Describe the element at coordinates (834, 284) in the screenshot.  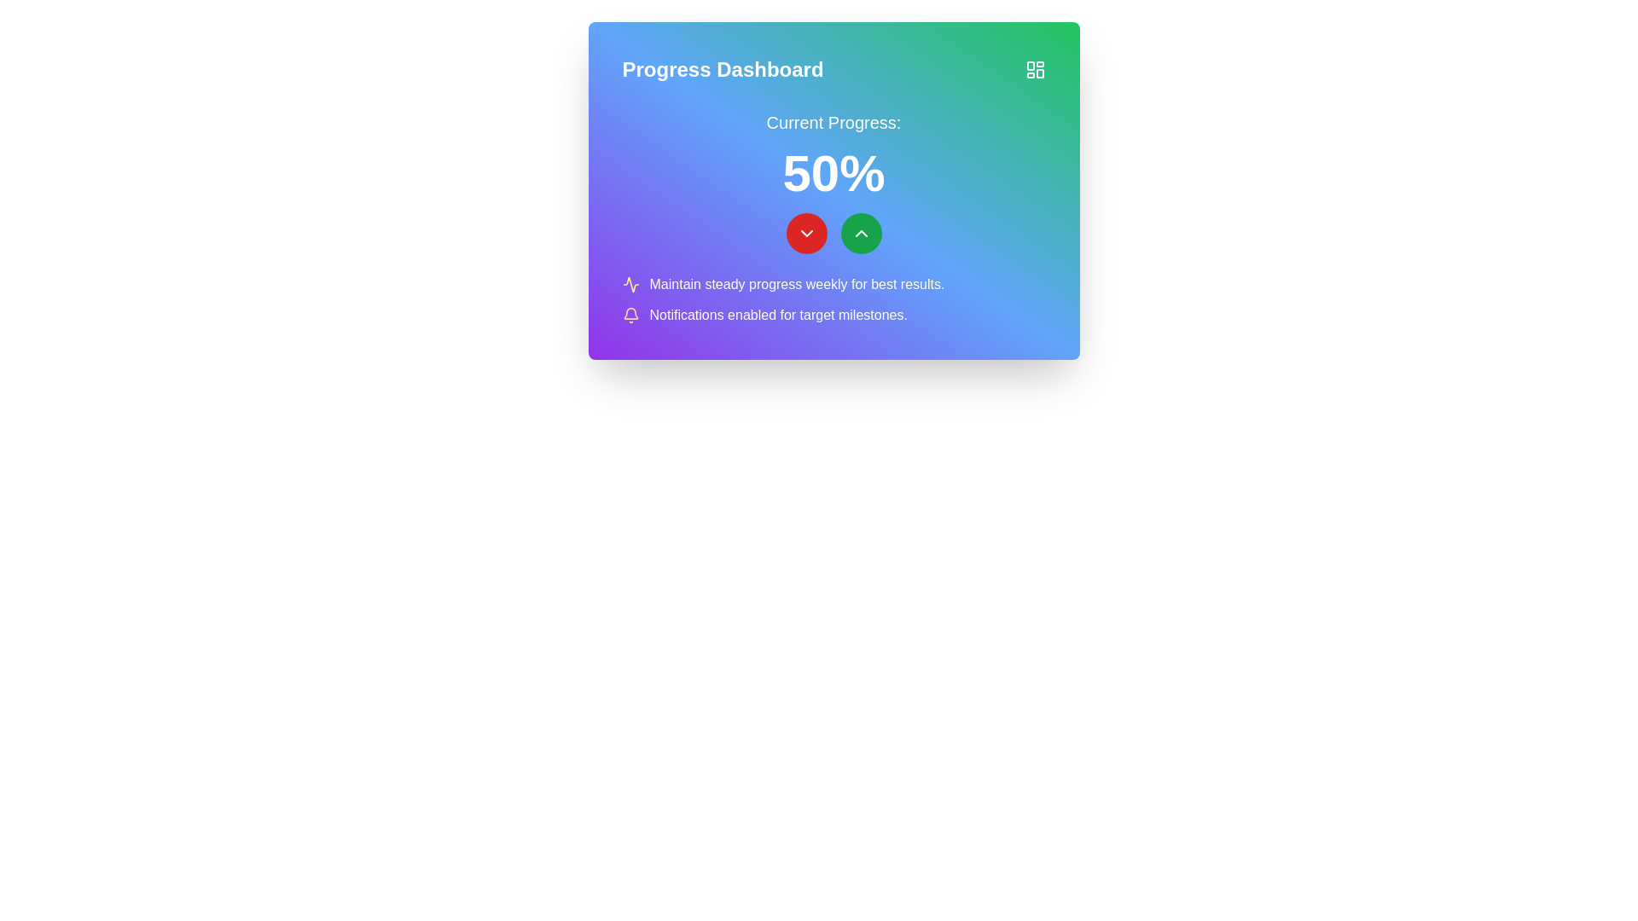
I see `the first text-icon pair under the 'Progress Dashboard' section that provides instructional or motivational information about steady progress` at that location.